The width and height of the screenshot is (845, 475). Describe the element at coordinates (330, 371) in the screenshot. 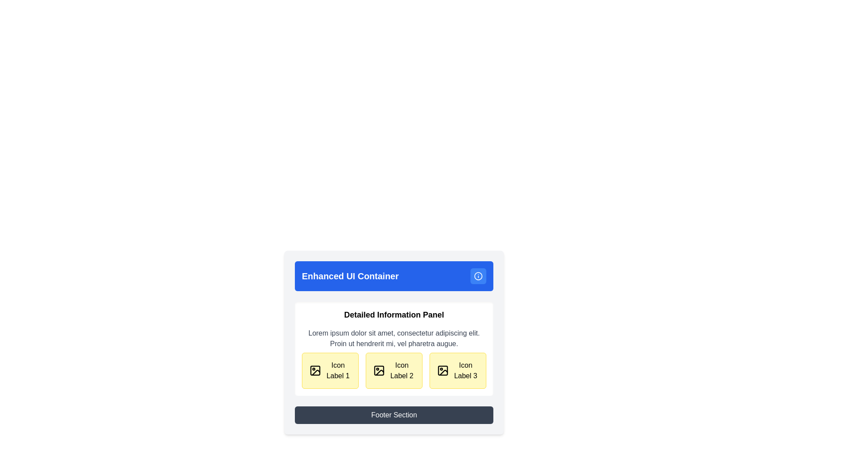

I see `the informational card with the icon and text label "Icon Label 1", which has a light yellow background and is the first card in a grid layout` at that location.